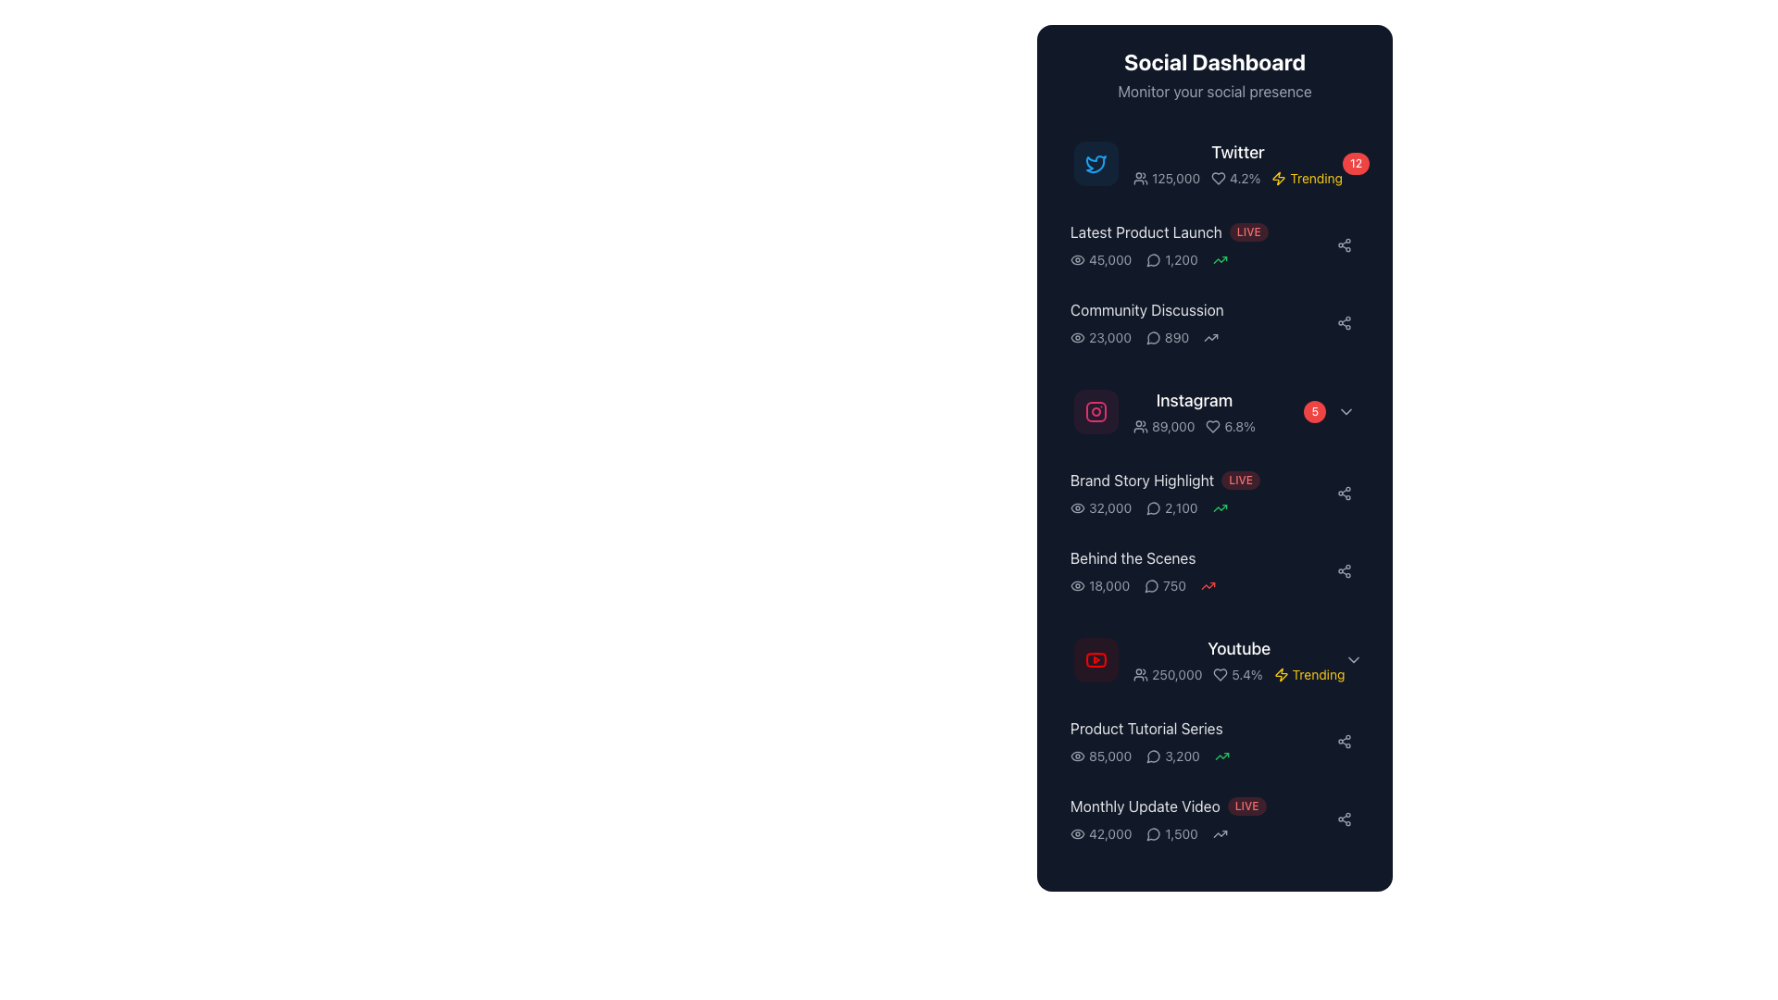  I want to click on the static text displaying '6.8%' and its adjacent heart-shaped icon, which is part of the 'Instagram' row in the interface, so click(1231, 427).